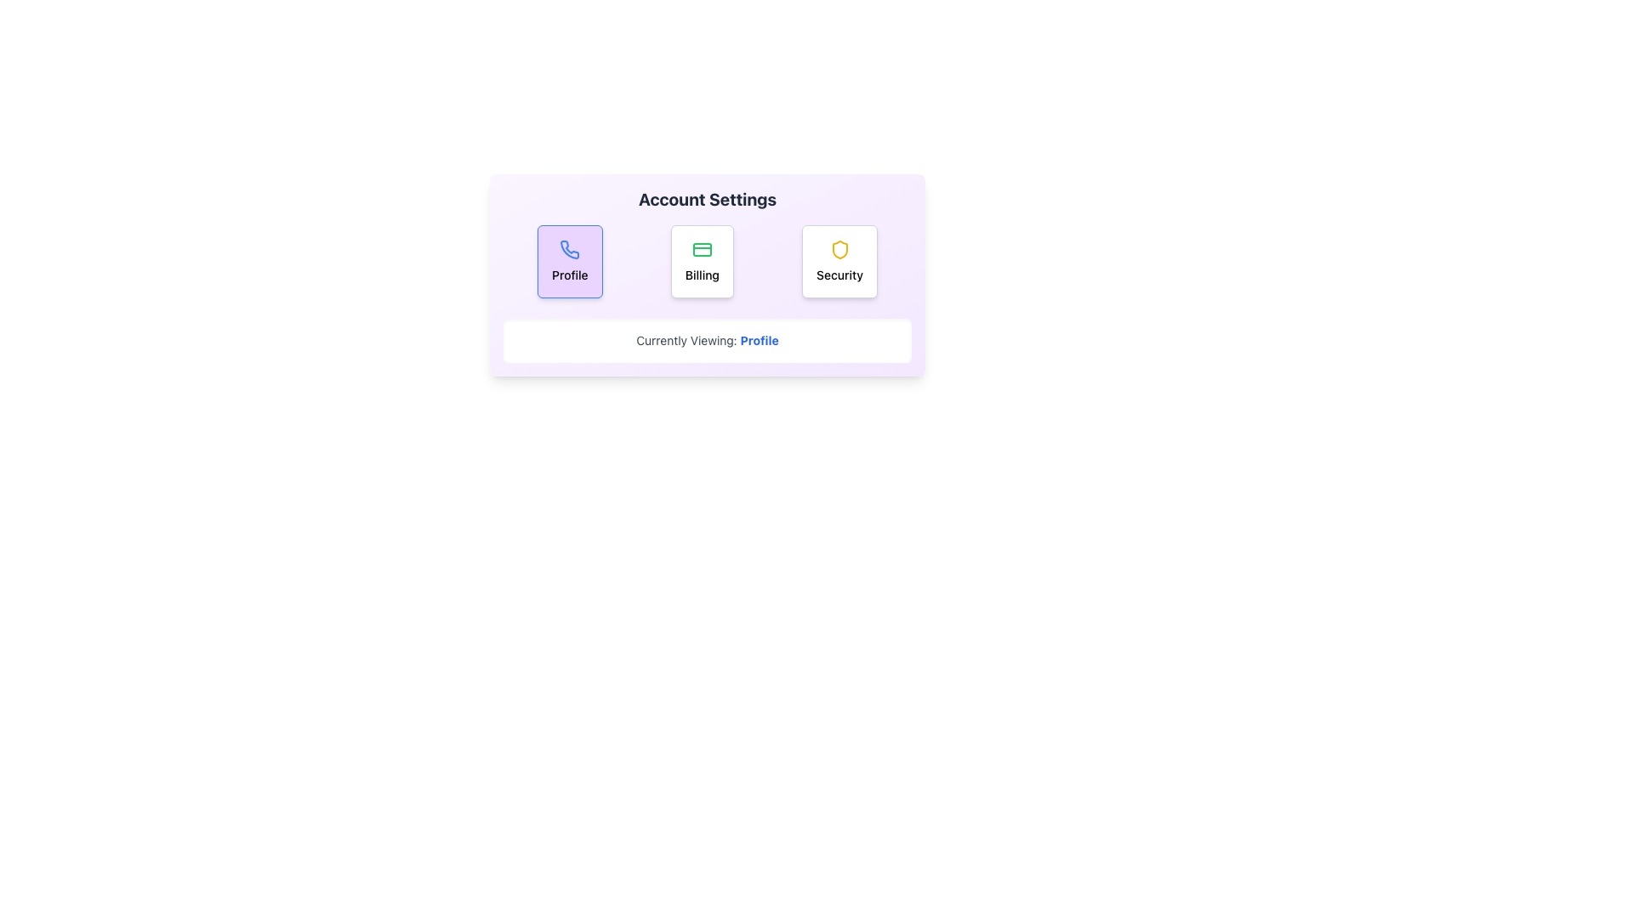 Image resolution: width=1633 pixels, height=918 pixels. What do you see at coordinates (707, 341) in the screenshot?
I see `information displayed in the Label that indicates the currently selected or active item within the 'Account Settings' section` at bounding box center [707, 341].